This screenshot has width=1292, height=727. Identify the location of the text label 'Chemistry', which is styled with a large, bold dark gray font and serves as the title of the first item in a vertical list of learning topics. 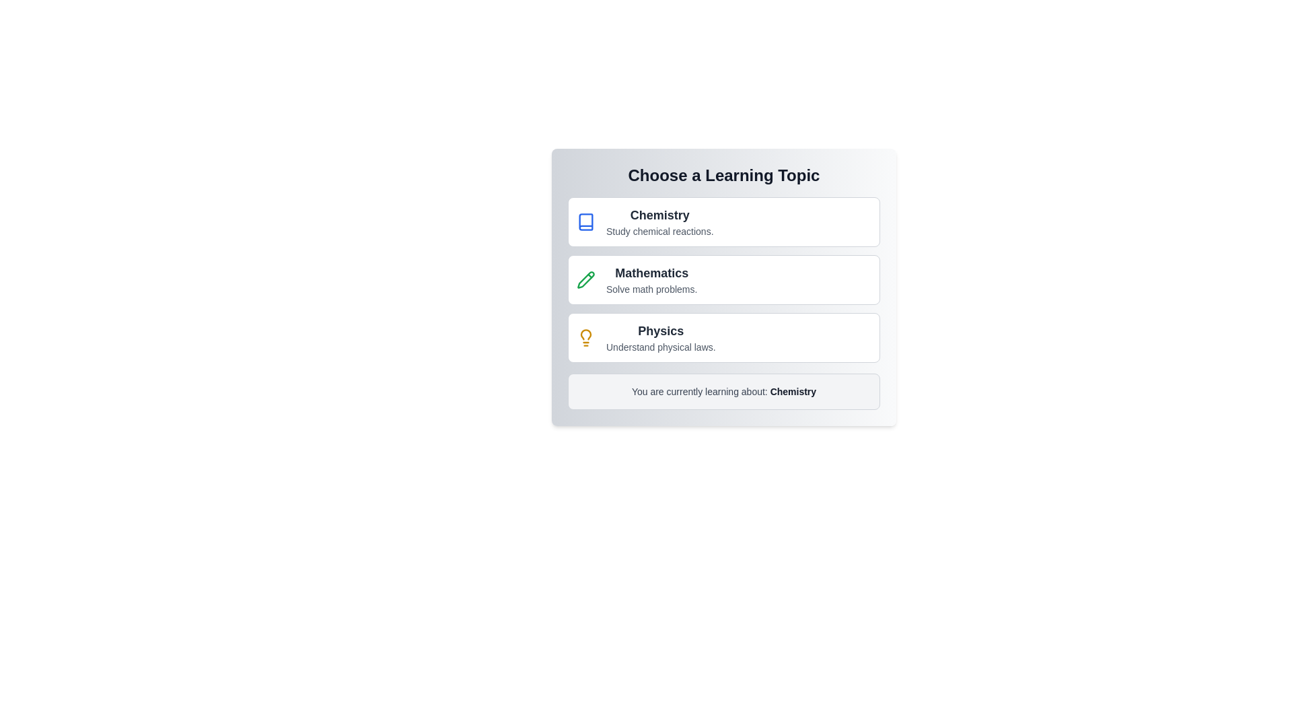
(659, 215).